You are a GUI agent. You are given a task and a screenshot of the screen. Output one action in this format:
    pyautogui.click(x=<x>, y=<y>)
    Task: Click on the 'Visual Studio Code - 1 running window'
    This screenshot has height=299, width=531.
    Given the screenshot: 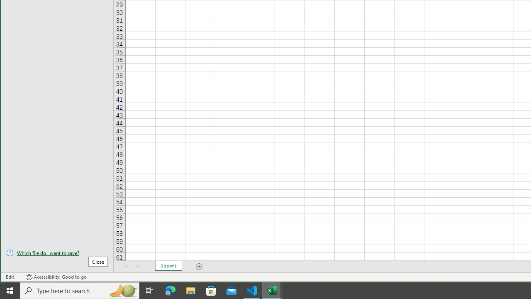 What is the action you would take?
    pyautogui.click(x=251, y=290)
    